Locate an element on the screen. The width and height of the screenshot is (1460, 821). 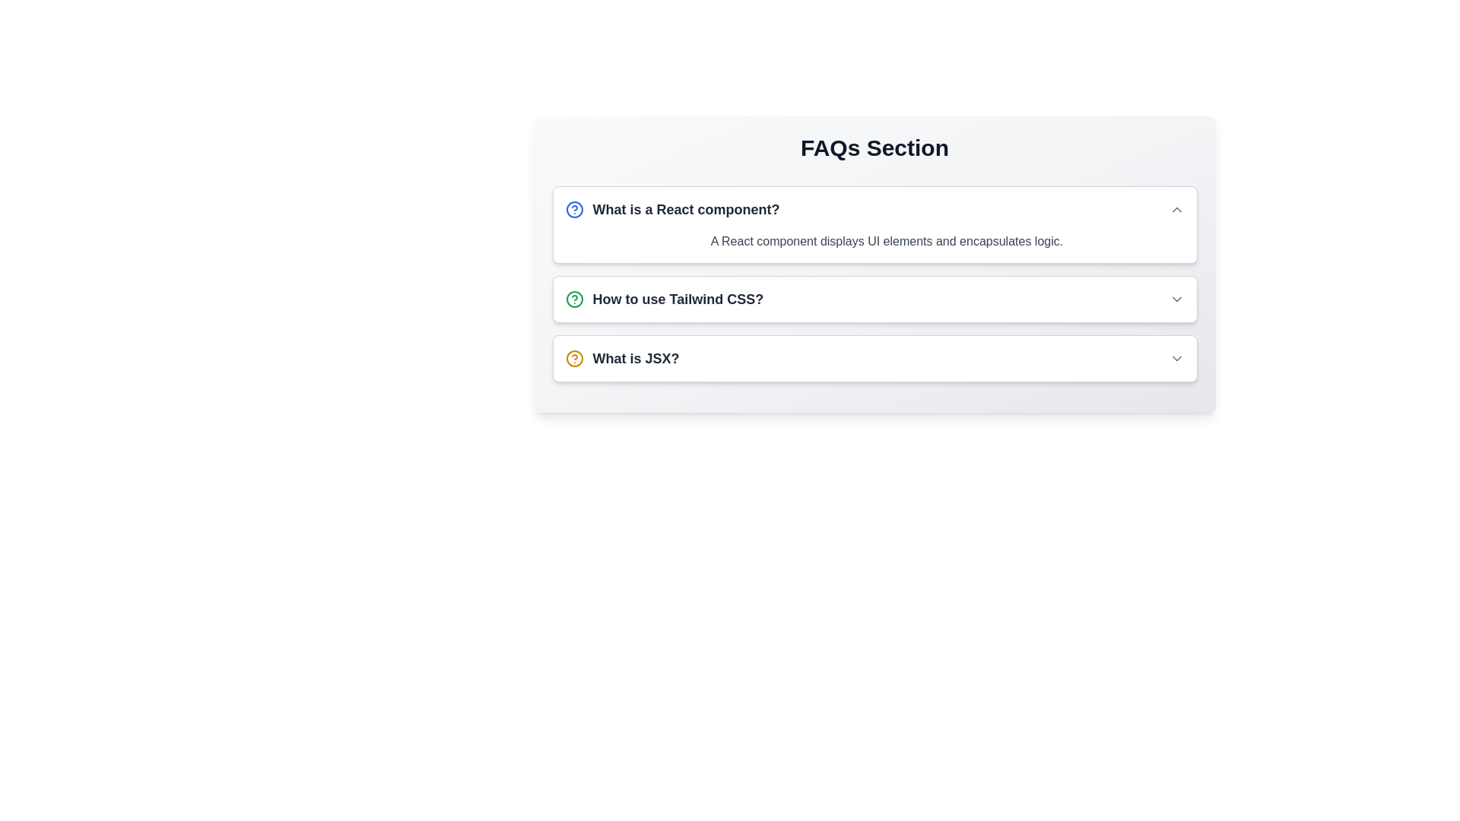
text element displaying 'A React component displays UI elements and encapsulates logic.' located below the heading 'What is a React component?' in the FAQ section is located at coordinates (874, 247).